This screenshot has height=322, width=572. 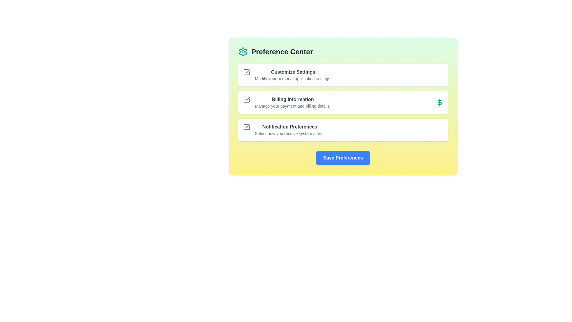 I want to click on the interactive element located near the 'Notification Preferences' text block, which is styled with a larger bold font and aligned with the 'Billing Information' and 'Save Preferences' entries, so click(x=290, y=129).